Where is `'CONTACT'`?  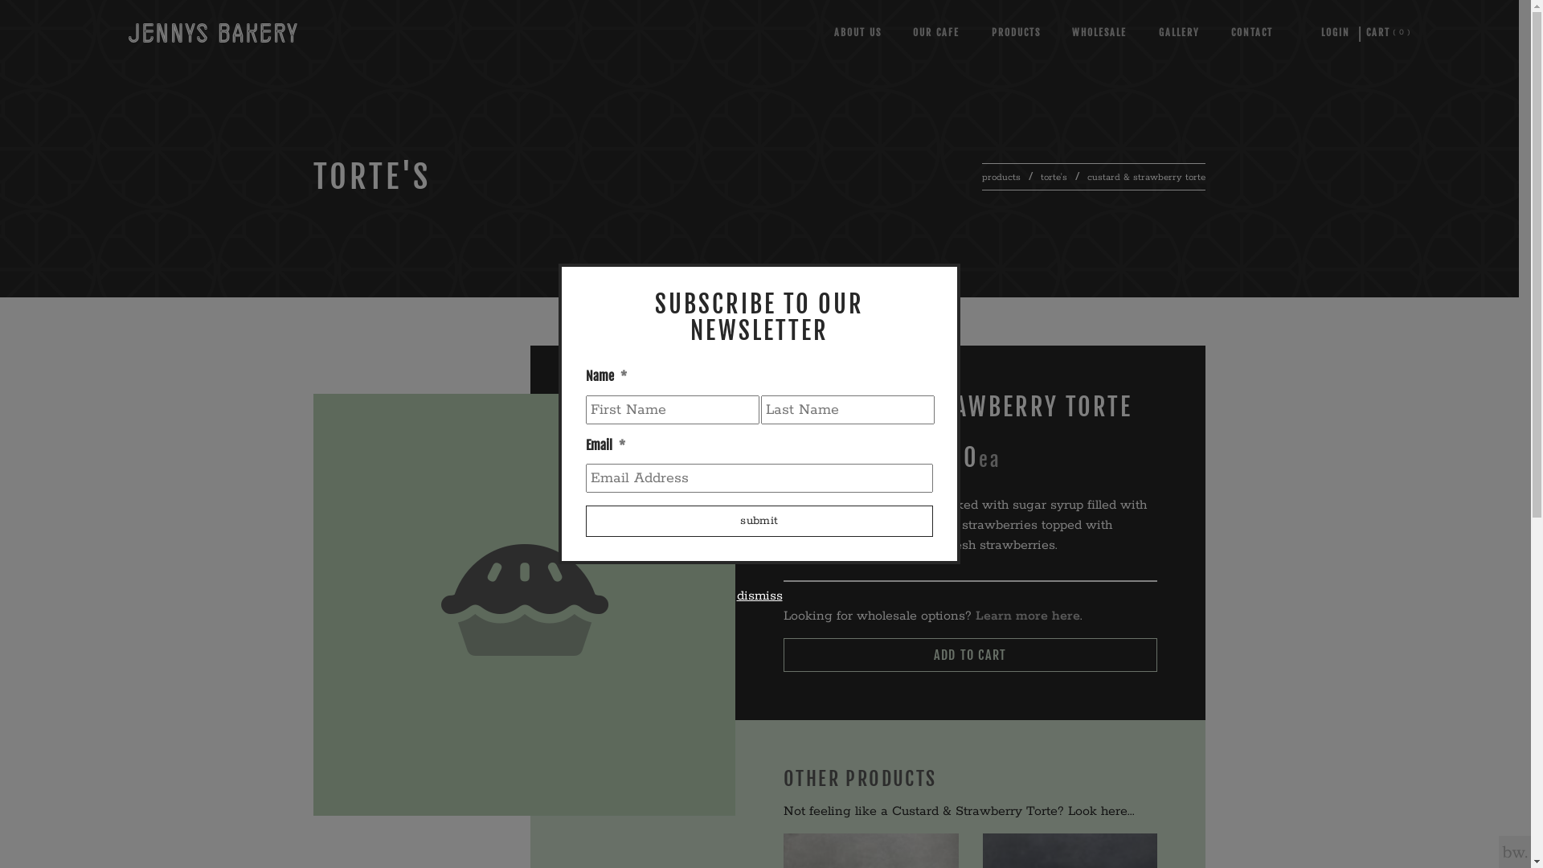 'CONTACT' is located at coordinates (1251, 32).